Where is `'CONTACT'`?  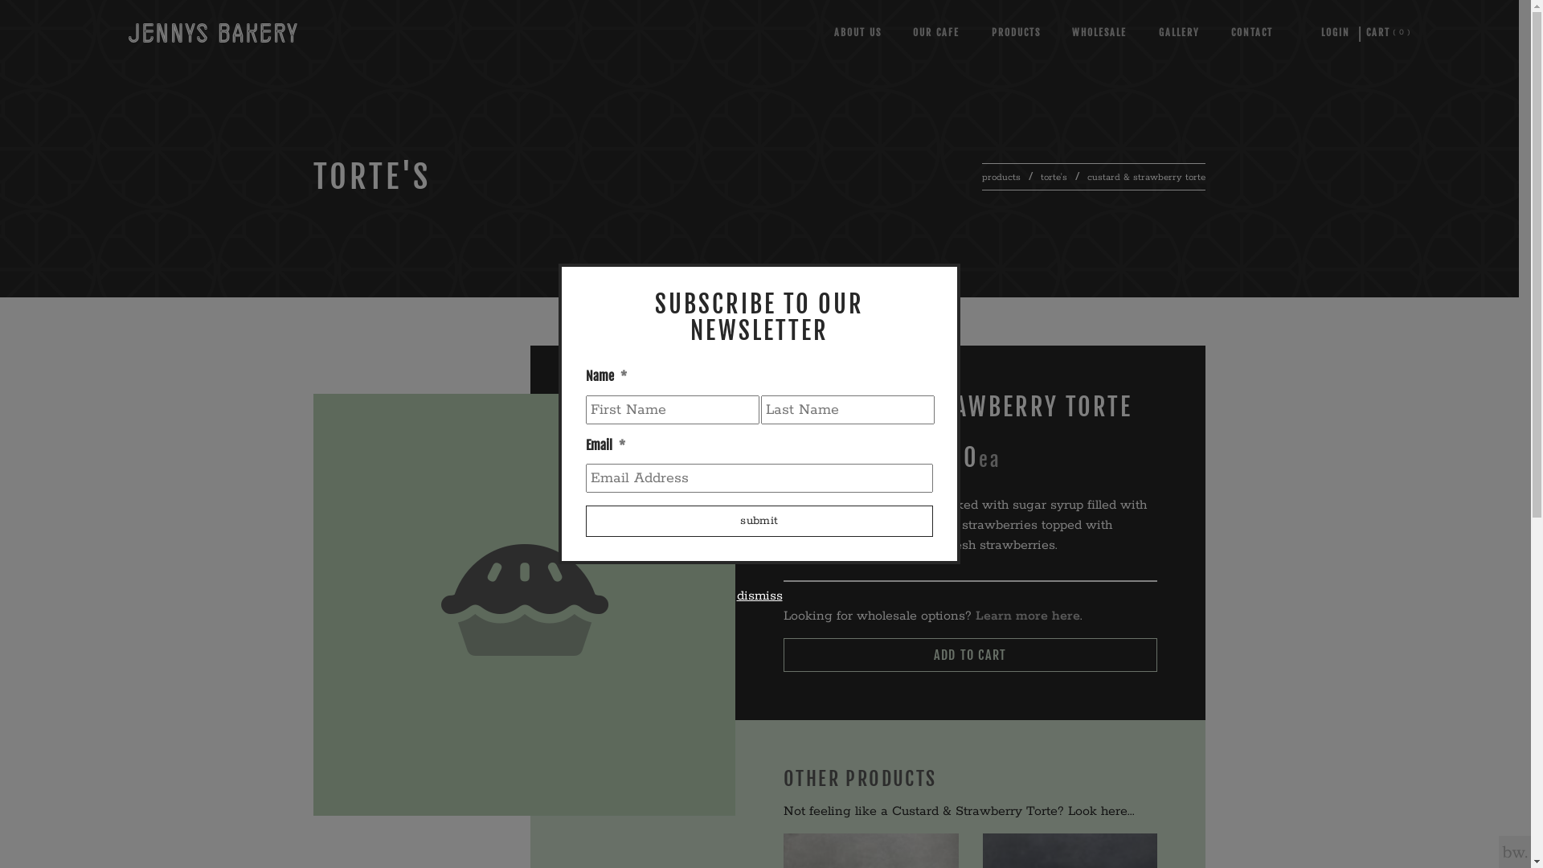 'CONTACT' is located at coordinates (1251, 32).